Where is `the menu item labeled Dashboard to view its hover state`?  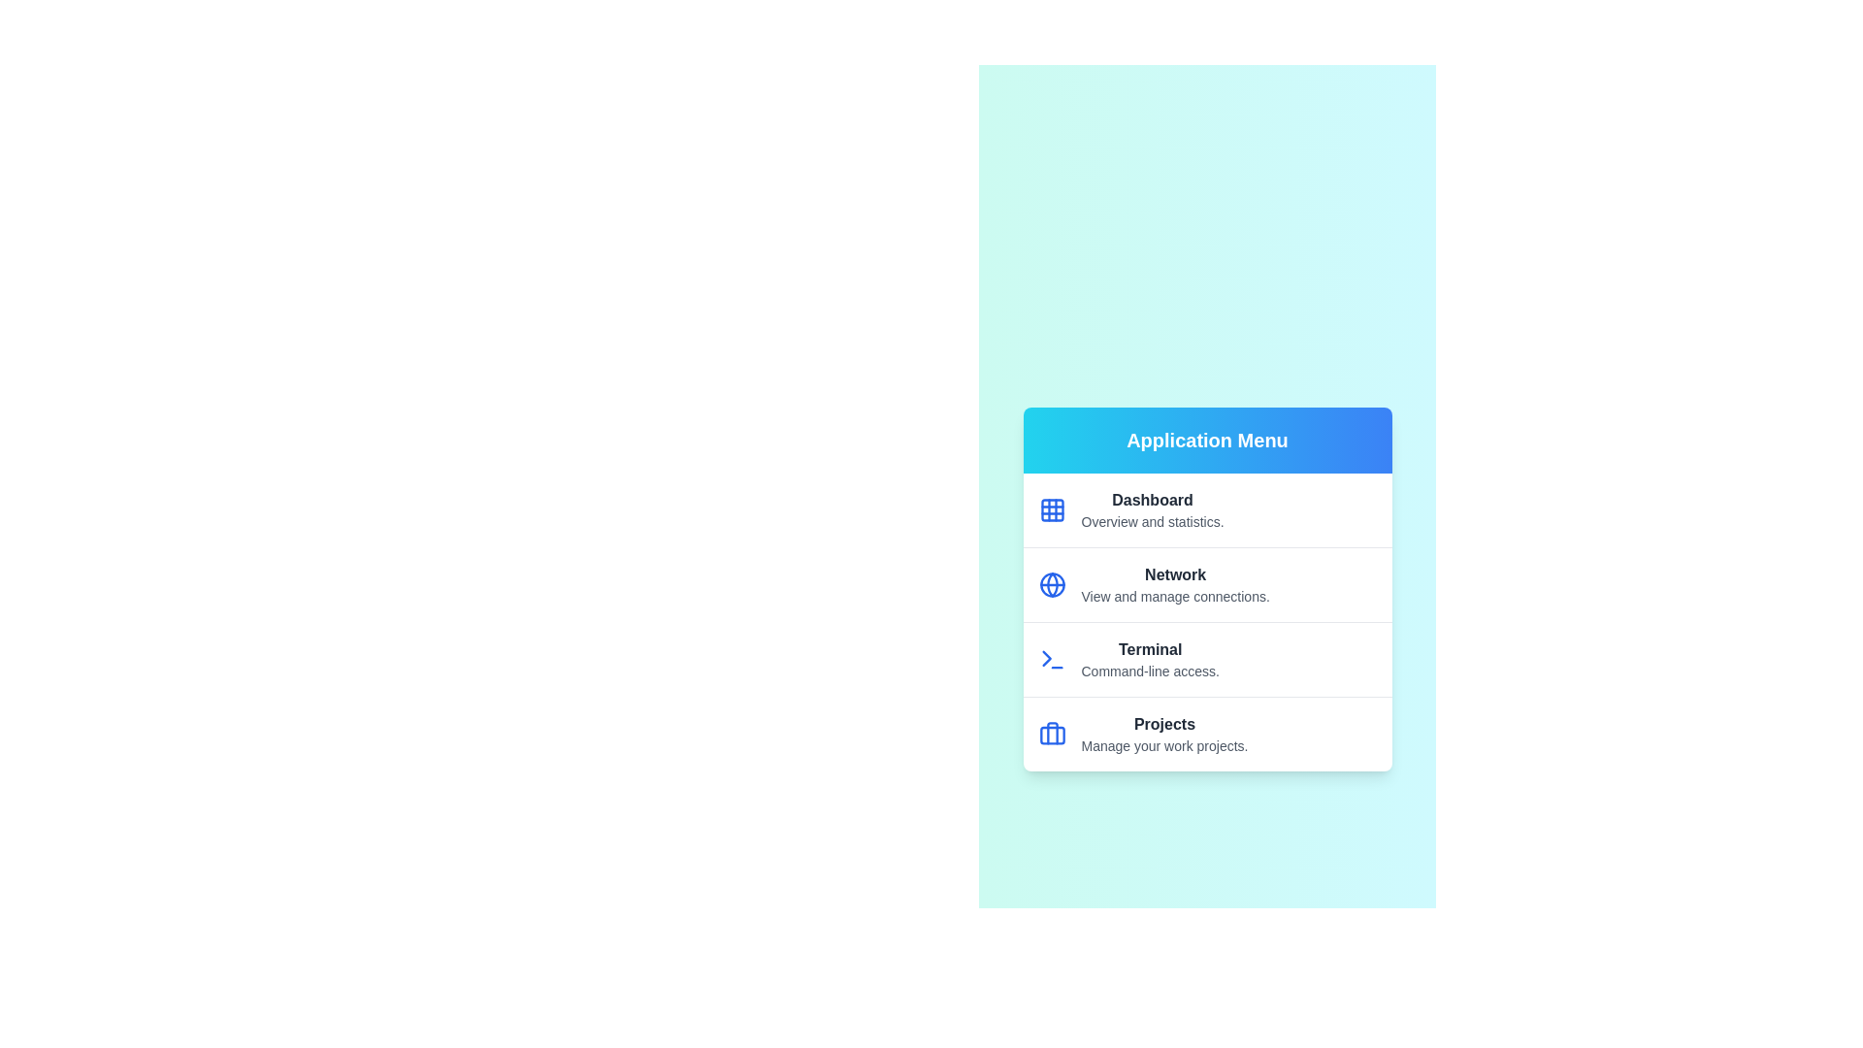
the menu item labeled Dashboard to view its hover state is located at coordinates (1206, 508).